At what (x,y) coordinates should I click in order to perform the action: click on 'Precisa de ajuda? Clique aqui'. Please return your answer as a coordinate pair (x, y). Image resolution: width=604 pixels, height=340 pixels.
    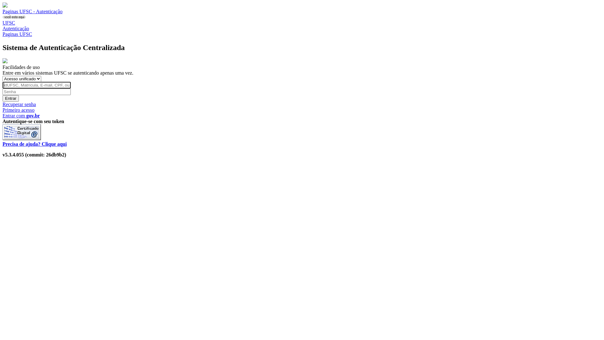
    Looking at the image, I should click on (3, 144).